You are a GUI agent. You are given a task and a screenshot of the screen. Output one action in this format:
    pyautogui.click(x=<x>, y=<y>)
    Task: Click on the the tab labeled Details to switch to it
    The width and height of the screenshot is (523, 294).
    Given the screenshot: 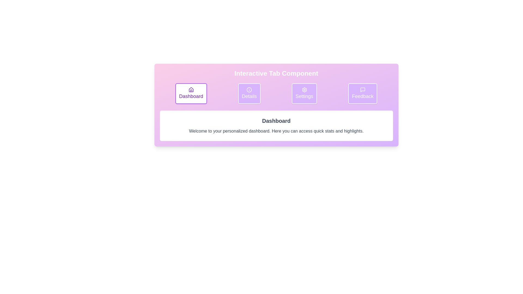 What is the action you would take?
    pyautogui.click(x=249, y=93)
    